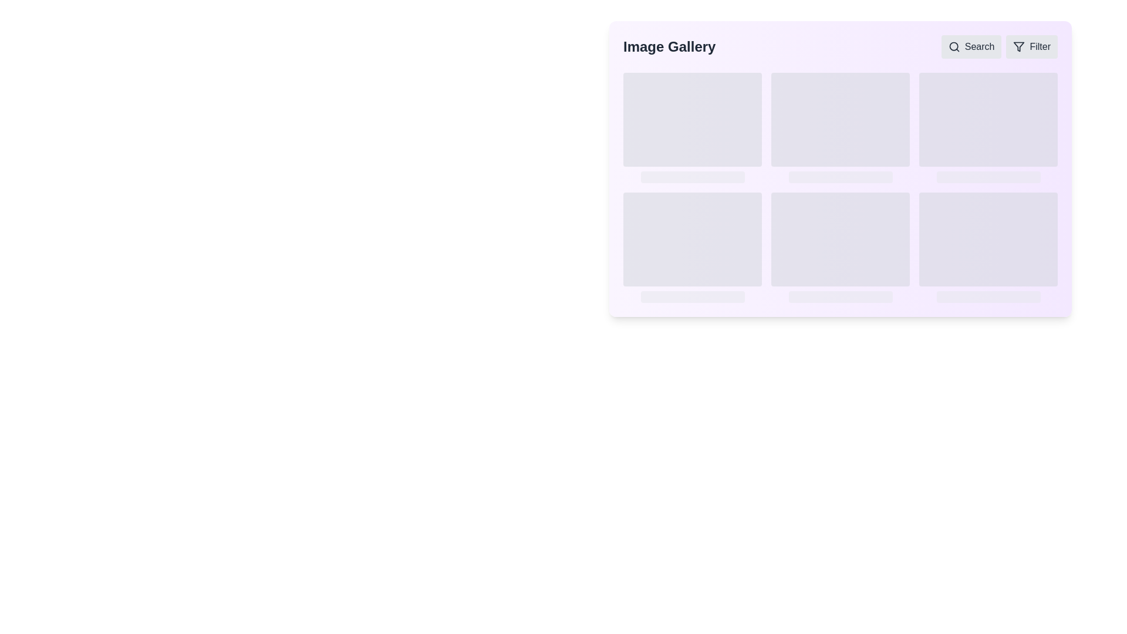 This screenshot has width=1127, height=634. I want to click on the static visual placeholder with a gray background and rounded corners located in the lower-right corner of the gallery-like interface, so click(988, 239).